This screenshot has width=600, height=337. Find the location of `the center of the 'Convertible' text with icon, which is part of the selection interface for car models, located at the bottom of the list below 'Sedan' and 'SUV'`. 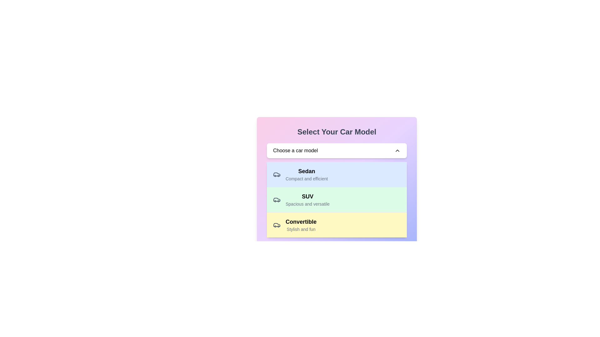

the center of the 'Convertible' text with icon, which is part of the selection interface for car models, located at the bottom of the list below 'Sedan' and 'SUV' is located at coordinates (294, 225).